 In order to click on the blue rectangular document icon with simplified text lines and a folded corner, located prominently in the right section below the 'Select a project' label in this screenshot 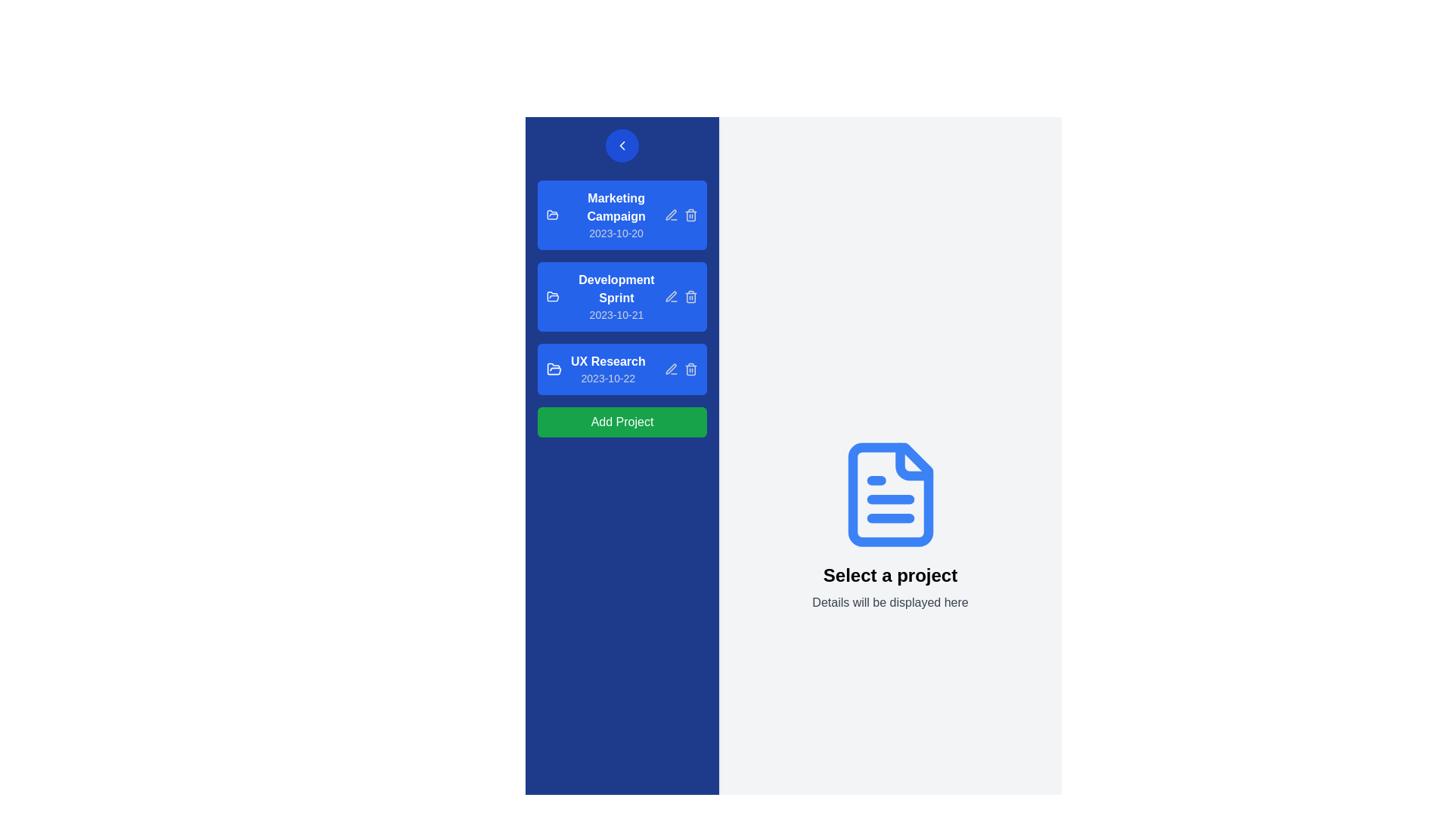, I will do `click(890, 495)`.